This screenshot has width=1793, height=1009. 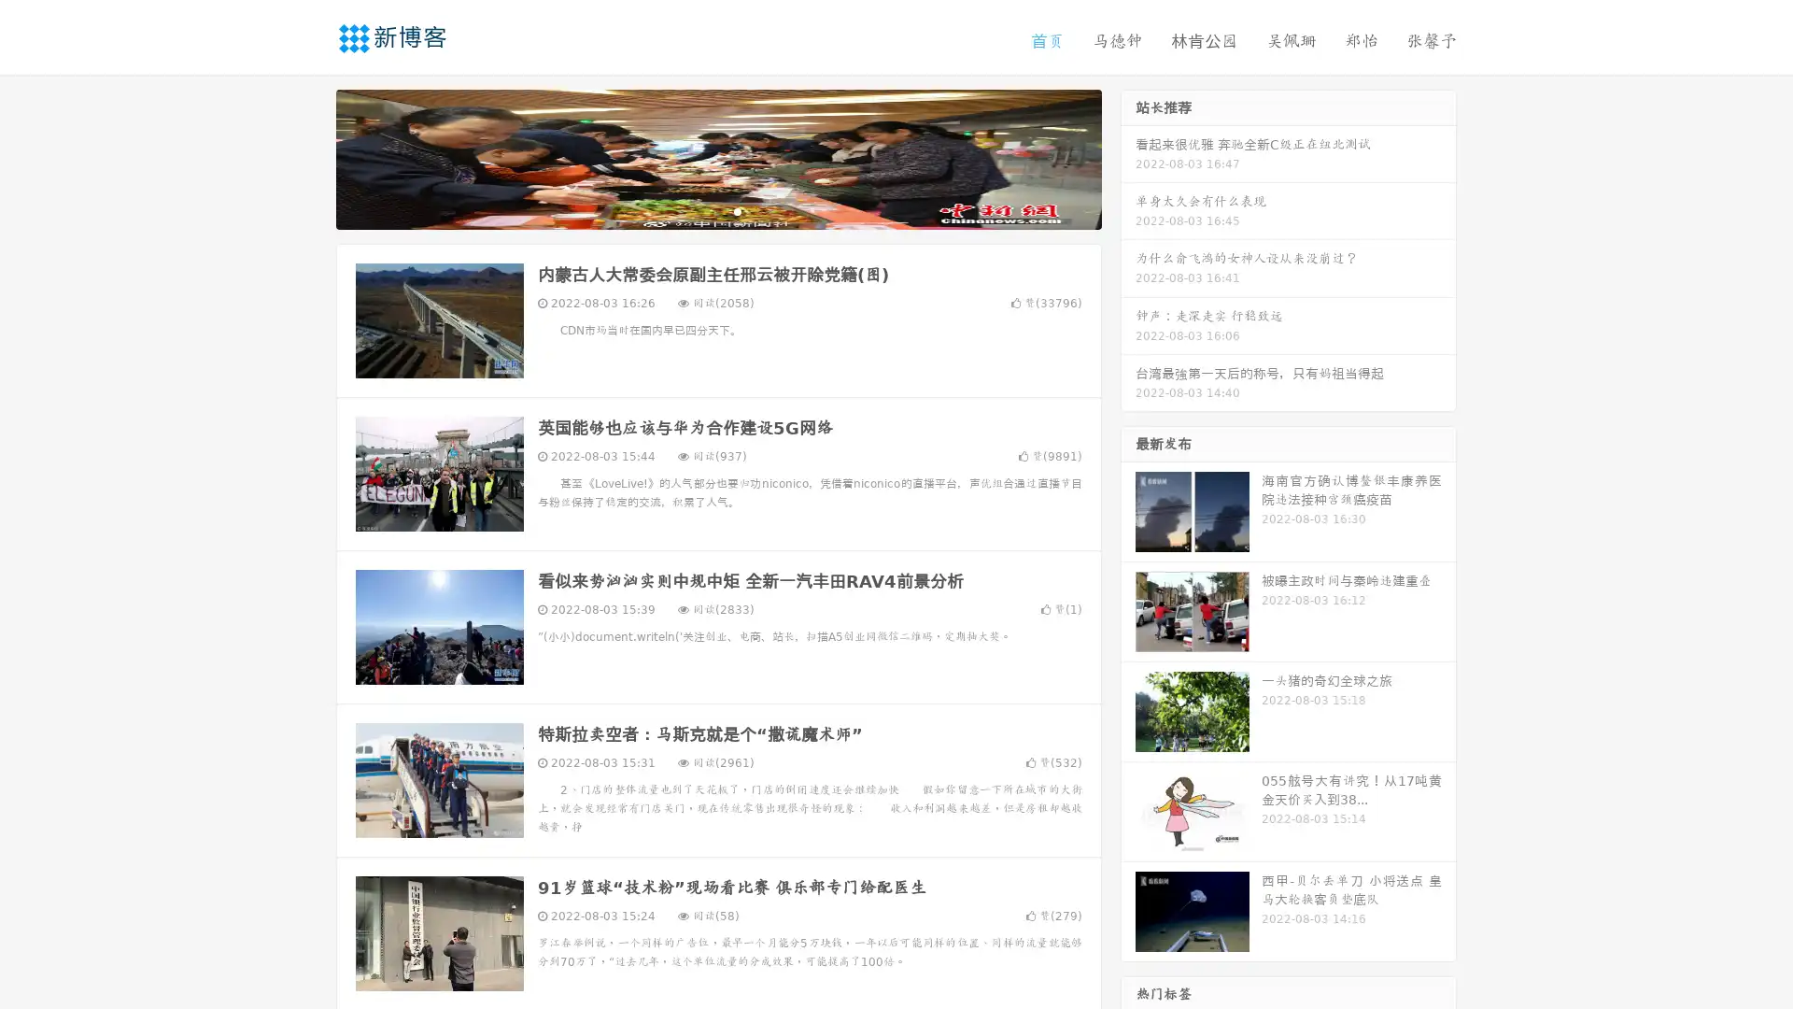 I want to click on Go to slide 3, so click(x=737, y=210).